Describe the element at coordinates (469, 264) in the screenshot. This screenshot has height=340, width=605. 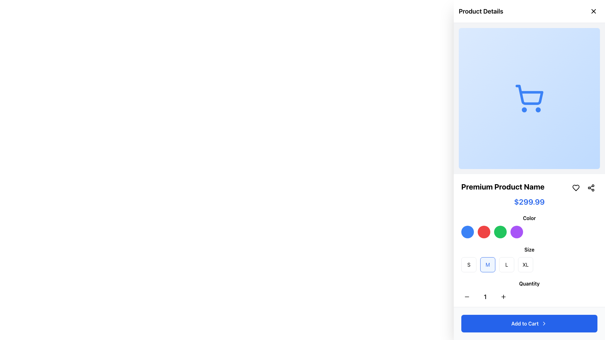
I see `keyboard navigation` at that location.